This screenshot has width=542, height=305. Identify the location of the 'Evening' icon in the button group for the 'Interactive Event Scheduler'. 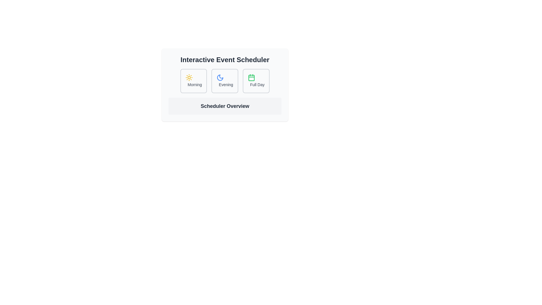
(220, 77).